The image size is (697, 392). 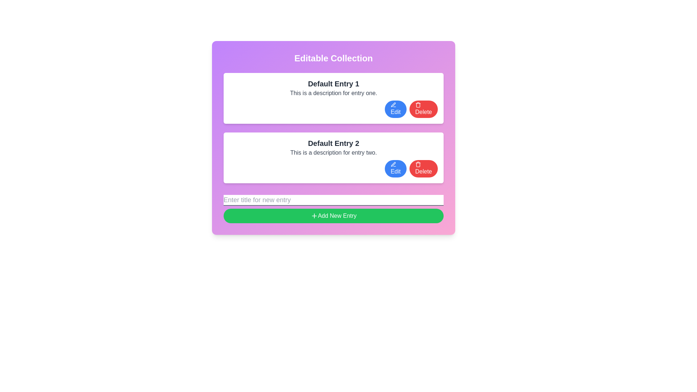 What do you see at coordinates (395, 169) in the screenshot?
I see `the rounded blue button with white text saying 'Edit'` at bounding box center [395, 169].